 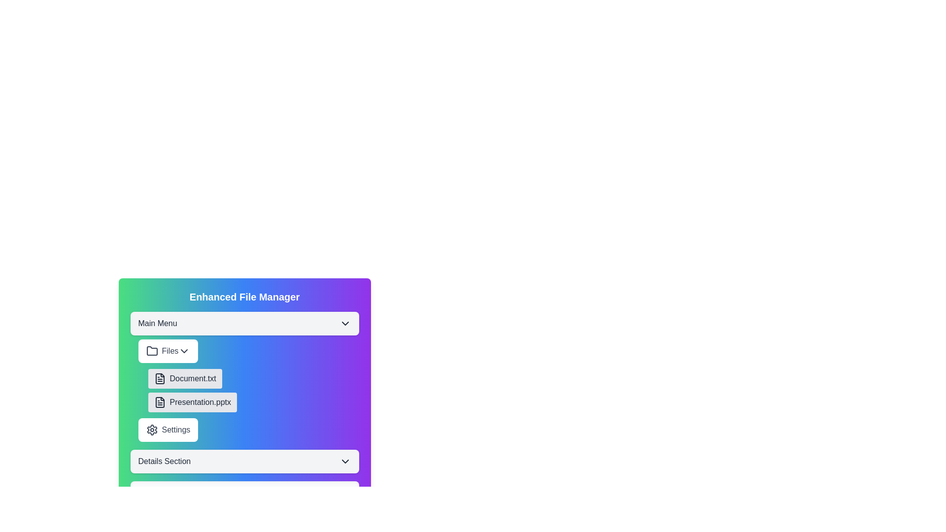 What do you see at coordinates (158, 323) in the screenshot?
I see `the text label indicating the functionality of the associated dropdown menu located beneath the header 'Enhanced File Manager'` at bounding box center [158, 323].